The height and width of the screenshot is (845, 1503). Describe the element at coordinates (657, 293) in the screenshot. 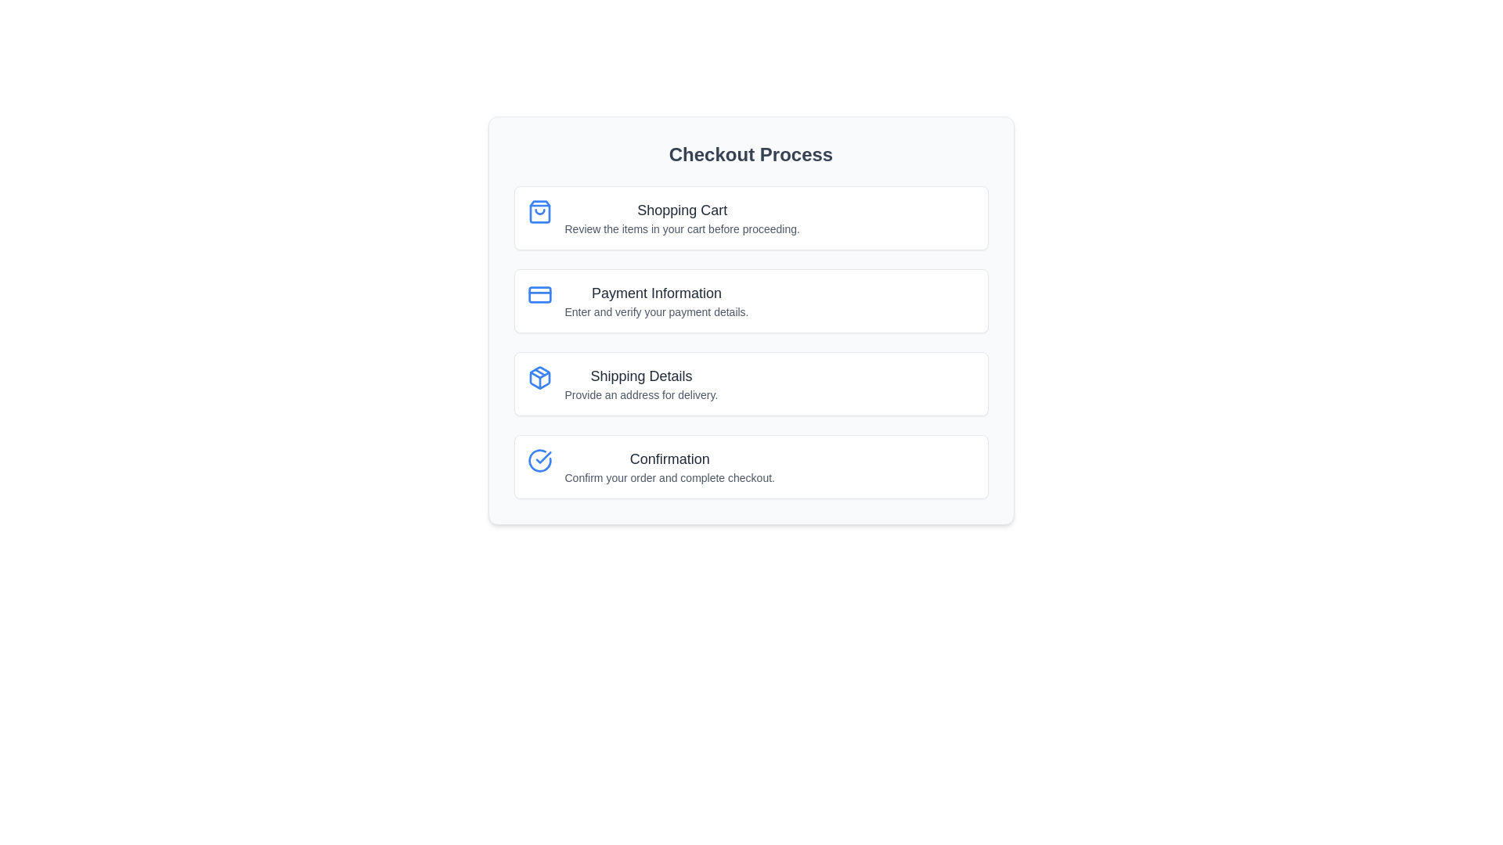

I see `heading text that serves as a title for the checkout process, located in the second card below the 'Checkout Process' header` at that location.